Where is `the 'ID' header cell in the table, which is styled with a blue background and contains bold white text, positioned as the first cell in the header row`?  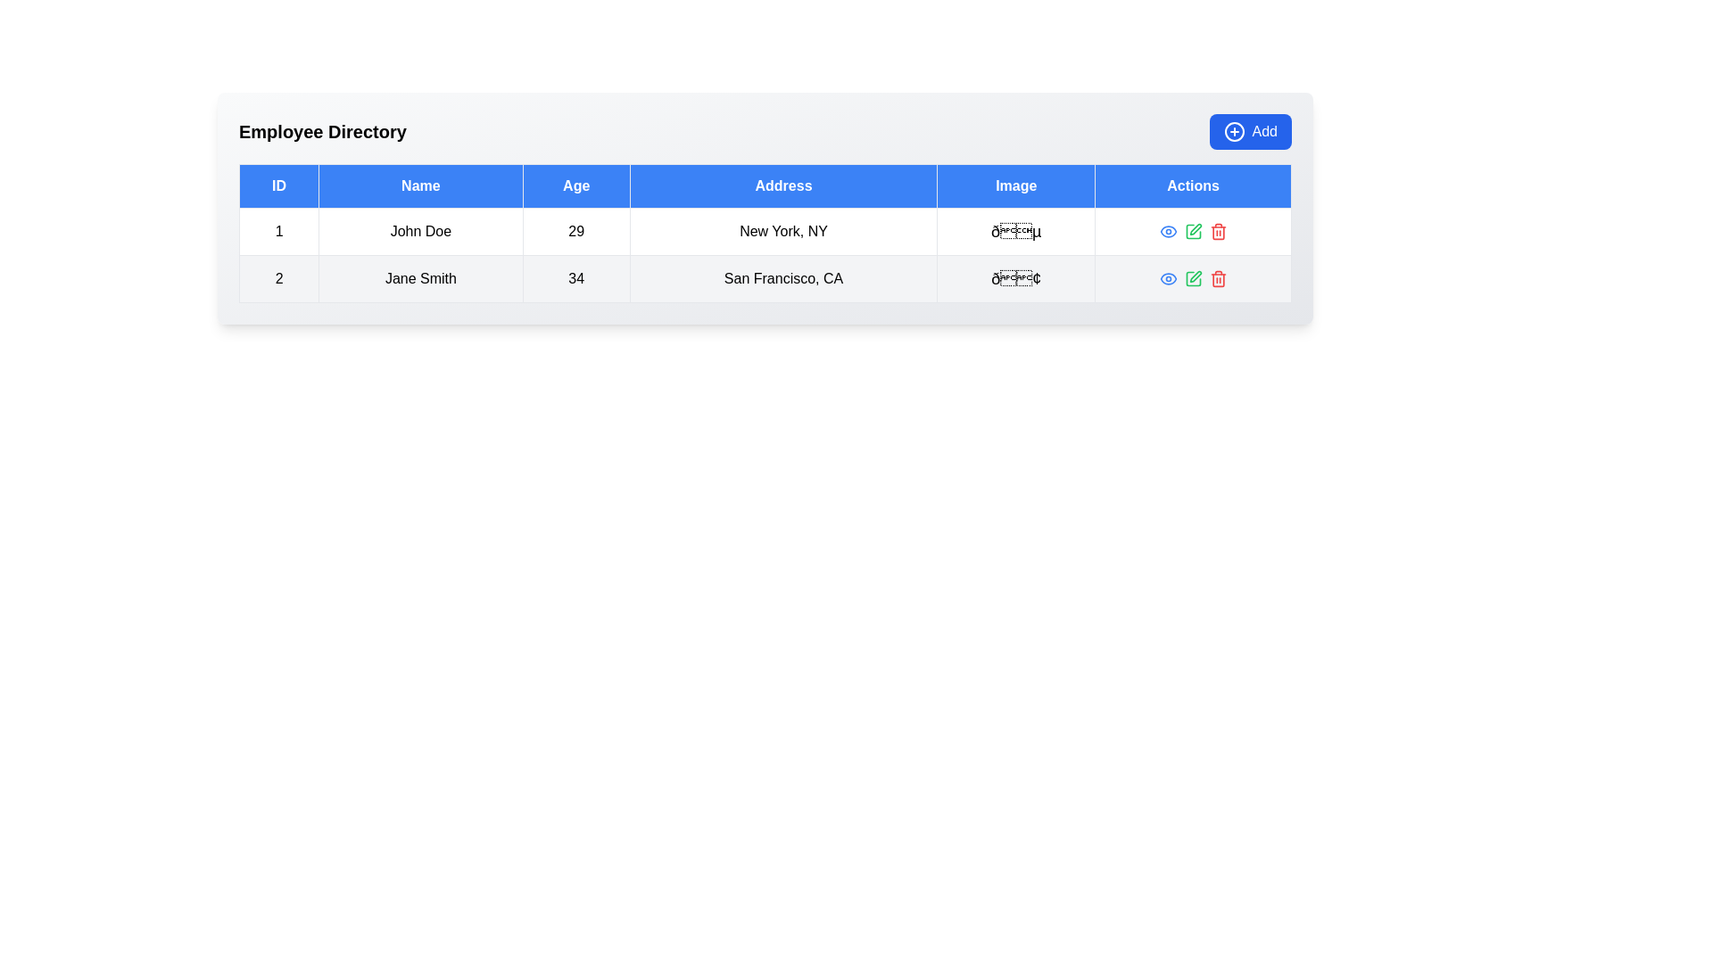 the 'ID' header cell in the table, which is styled with a blue background and contains bold white text, positioned as the first cell in the header row is located at coordinates (278, 185).